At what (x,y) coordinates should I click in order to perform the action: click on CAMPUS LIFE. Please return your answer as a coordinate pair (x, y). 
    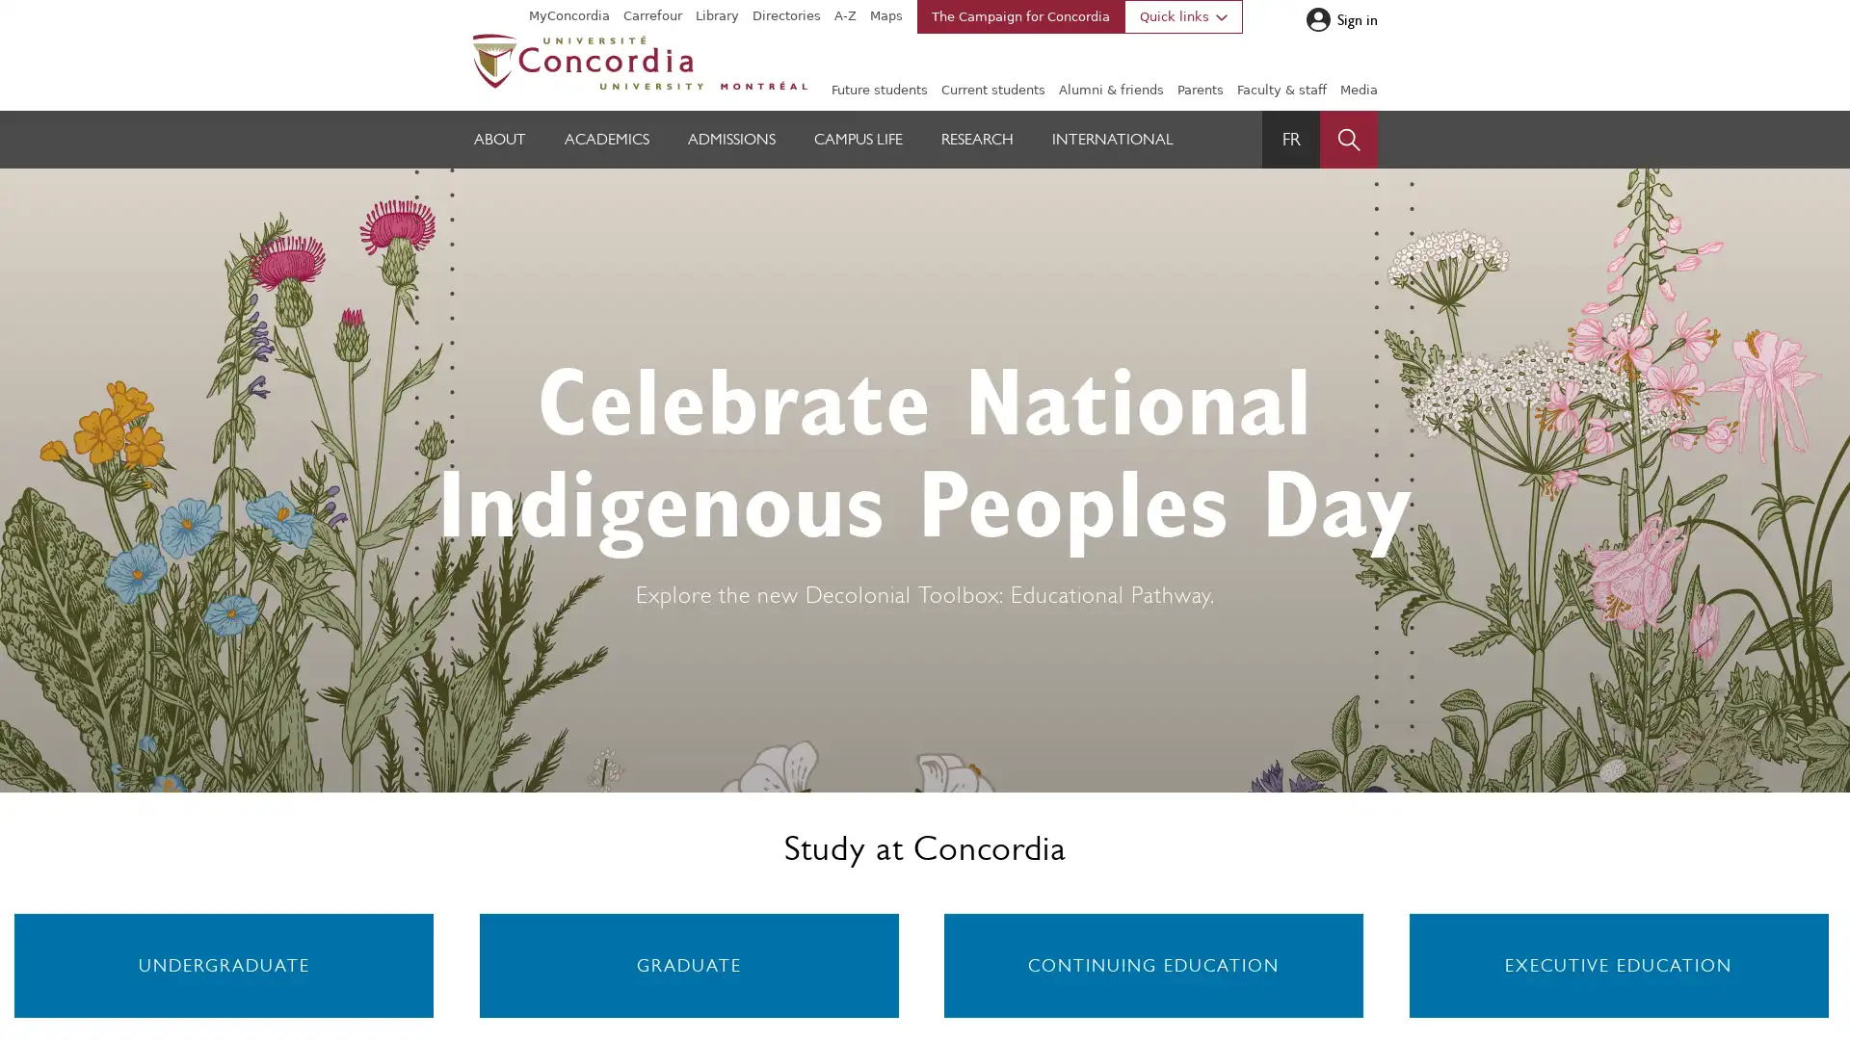
    Looking at the image, I should click on (858, 139).